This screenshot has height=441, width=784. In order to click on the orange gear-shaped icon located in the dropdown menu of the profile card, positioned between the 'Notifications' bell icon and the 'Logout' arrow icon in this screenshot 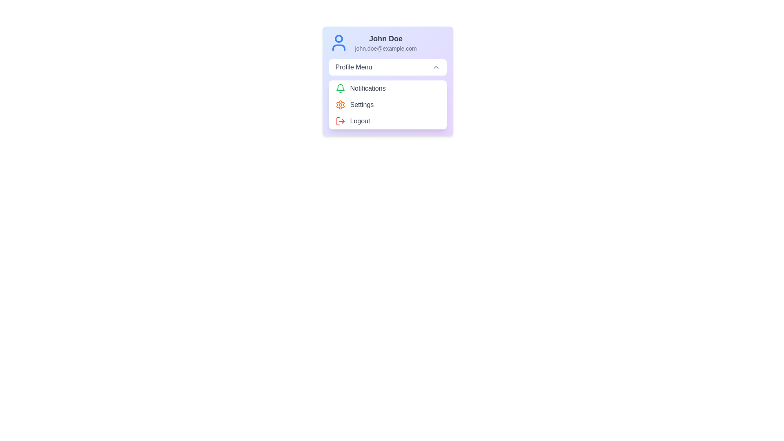, I will do `click(340, 105)`.